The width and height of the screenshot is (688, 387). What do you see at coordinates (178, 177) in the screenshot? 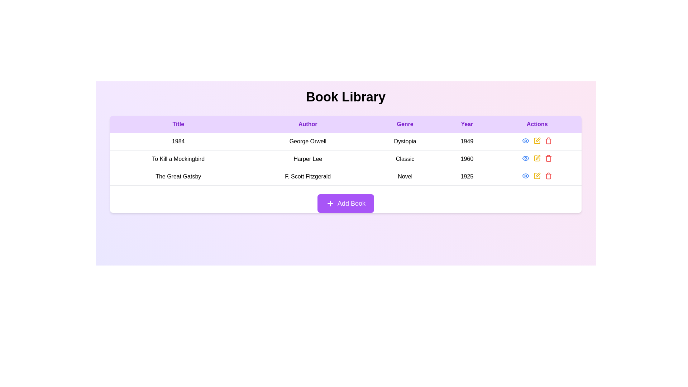
I see `the static text element representing the title 'The Great Gatsby' located in the third row and first column of the table` at bounding box center [178, 177].